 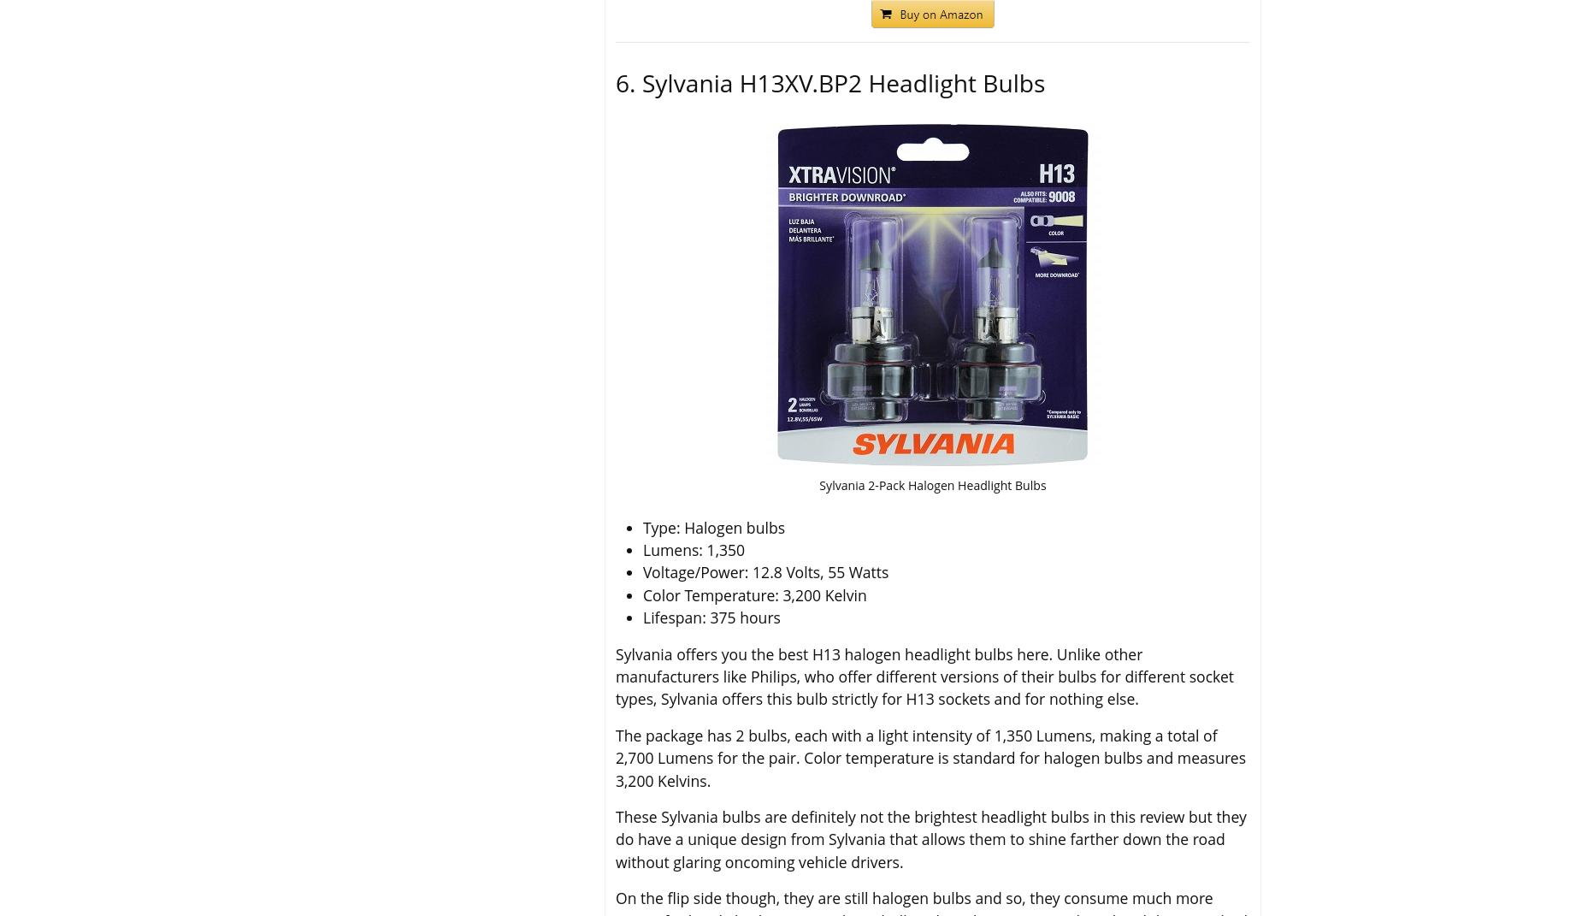 I want to click on 'The package has 2 bulbs, each with a light intensity of 1,350 Lumens, making a total of 2,700 Lumens for the pair. Color temperature is standard for halogen bulbs and measures 3,200 Kelvins.', so click(x=616, y=757).